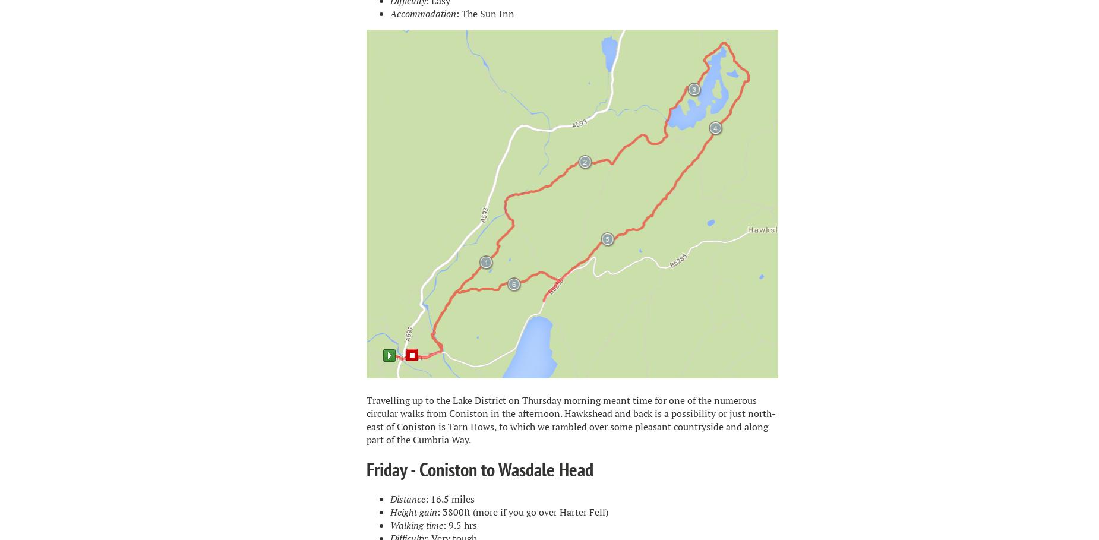 The width and height of the screenshot is (1099, 540). I want to click on 'Friday - Coniston to Wasdale Head', so click(479, 468).